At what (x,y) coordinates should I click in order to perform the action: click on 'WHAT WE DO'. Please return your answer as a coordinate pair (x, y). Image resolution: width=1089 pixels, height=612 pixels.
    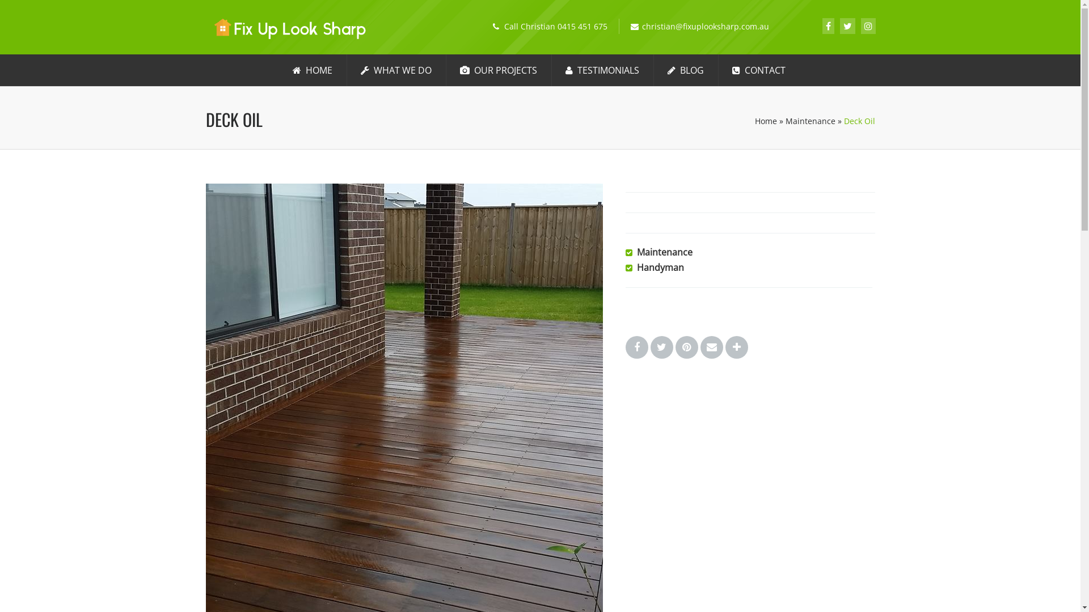
    Looking at the image, I should click on (396, 70).